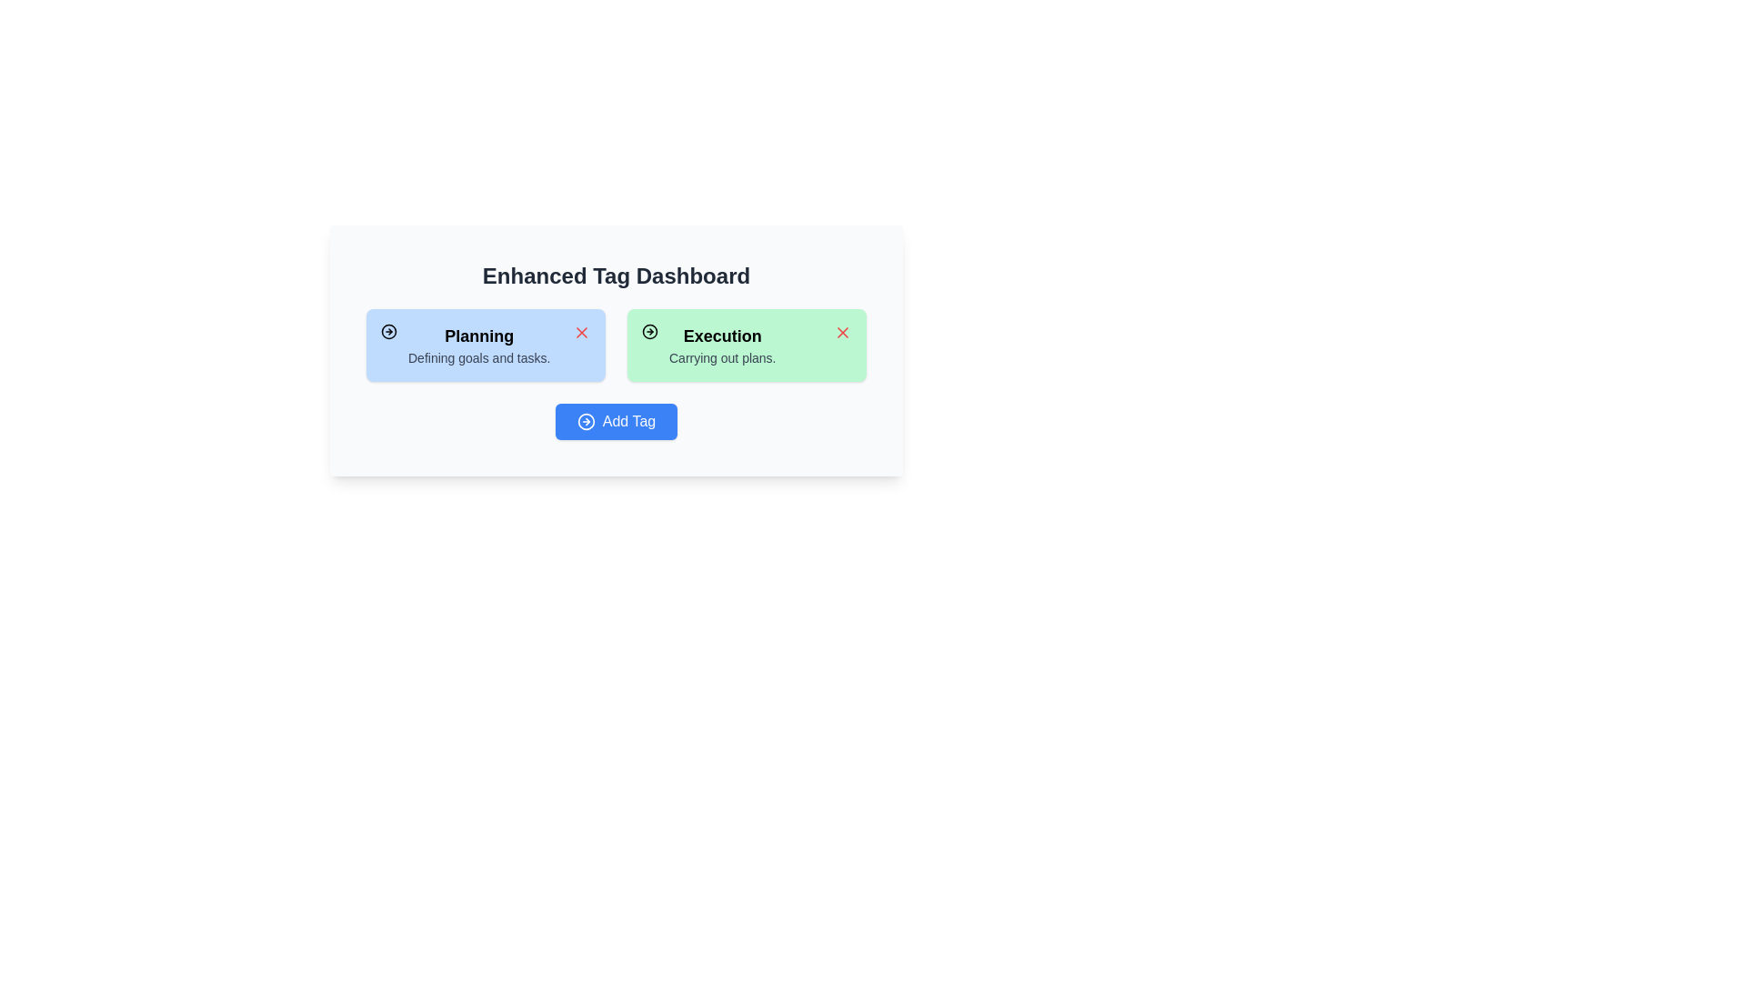  What do you see at coordinates (387, 332) in the screenshot?
I see `the circular icon with a right-pointing arrow, which has a red-filled background and black border, located to the left of the 'Planning' text label in the blue tag` at bounding box center [387, 332].